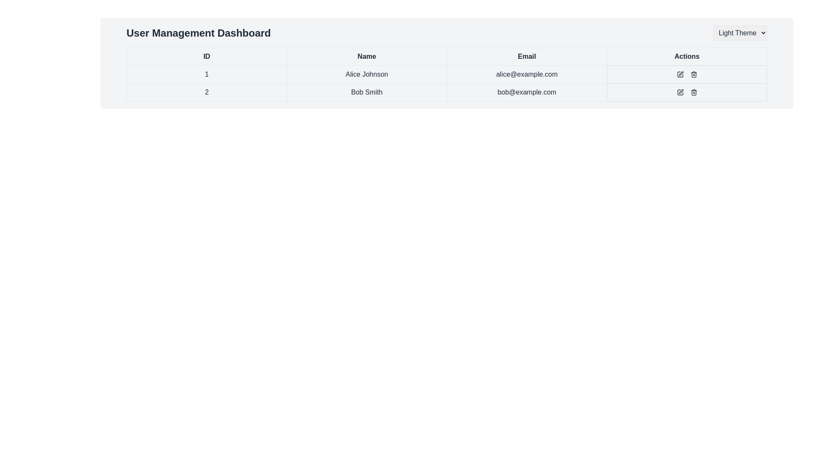 This screenshot has height=460, width=818. Describe the element at coordinates (680, 73) in the screenshot. I see `the edit action icon in the first row under the 'Actions' column, which is aligned with the user 'Alice Johnson' and positioned to the left of the trash bin icon` at that location.